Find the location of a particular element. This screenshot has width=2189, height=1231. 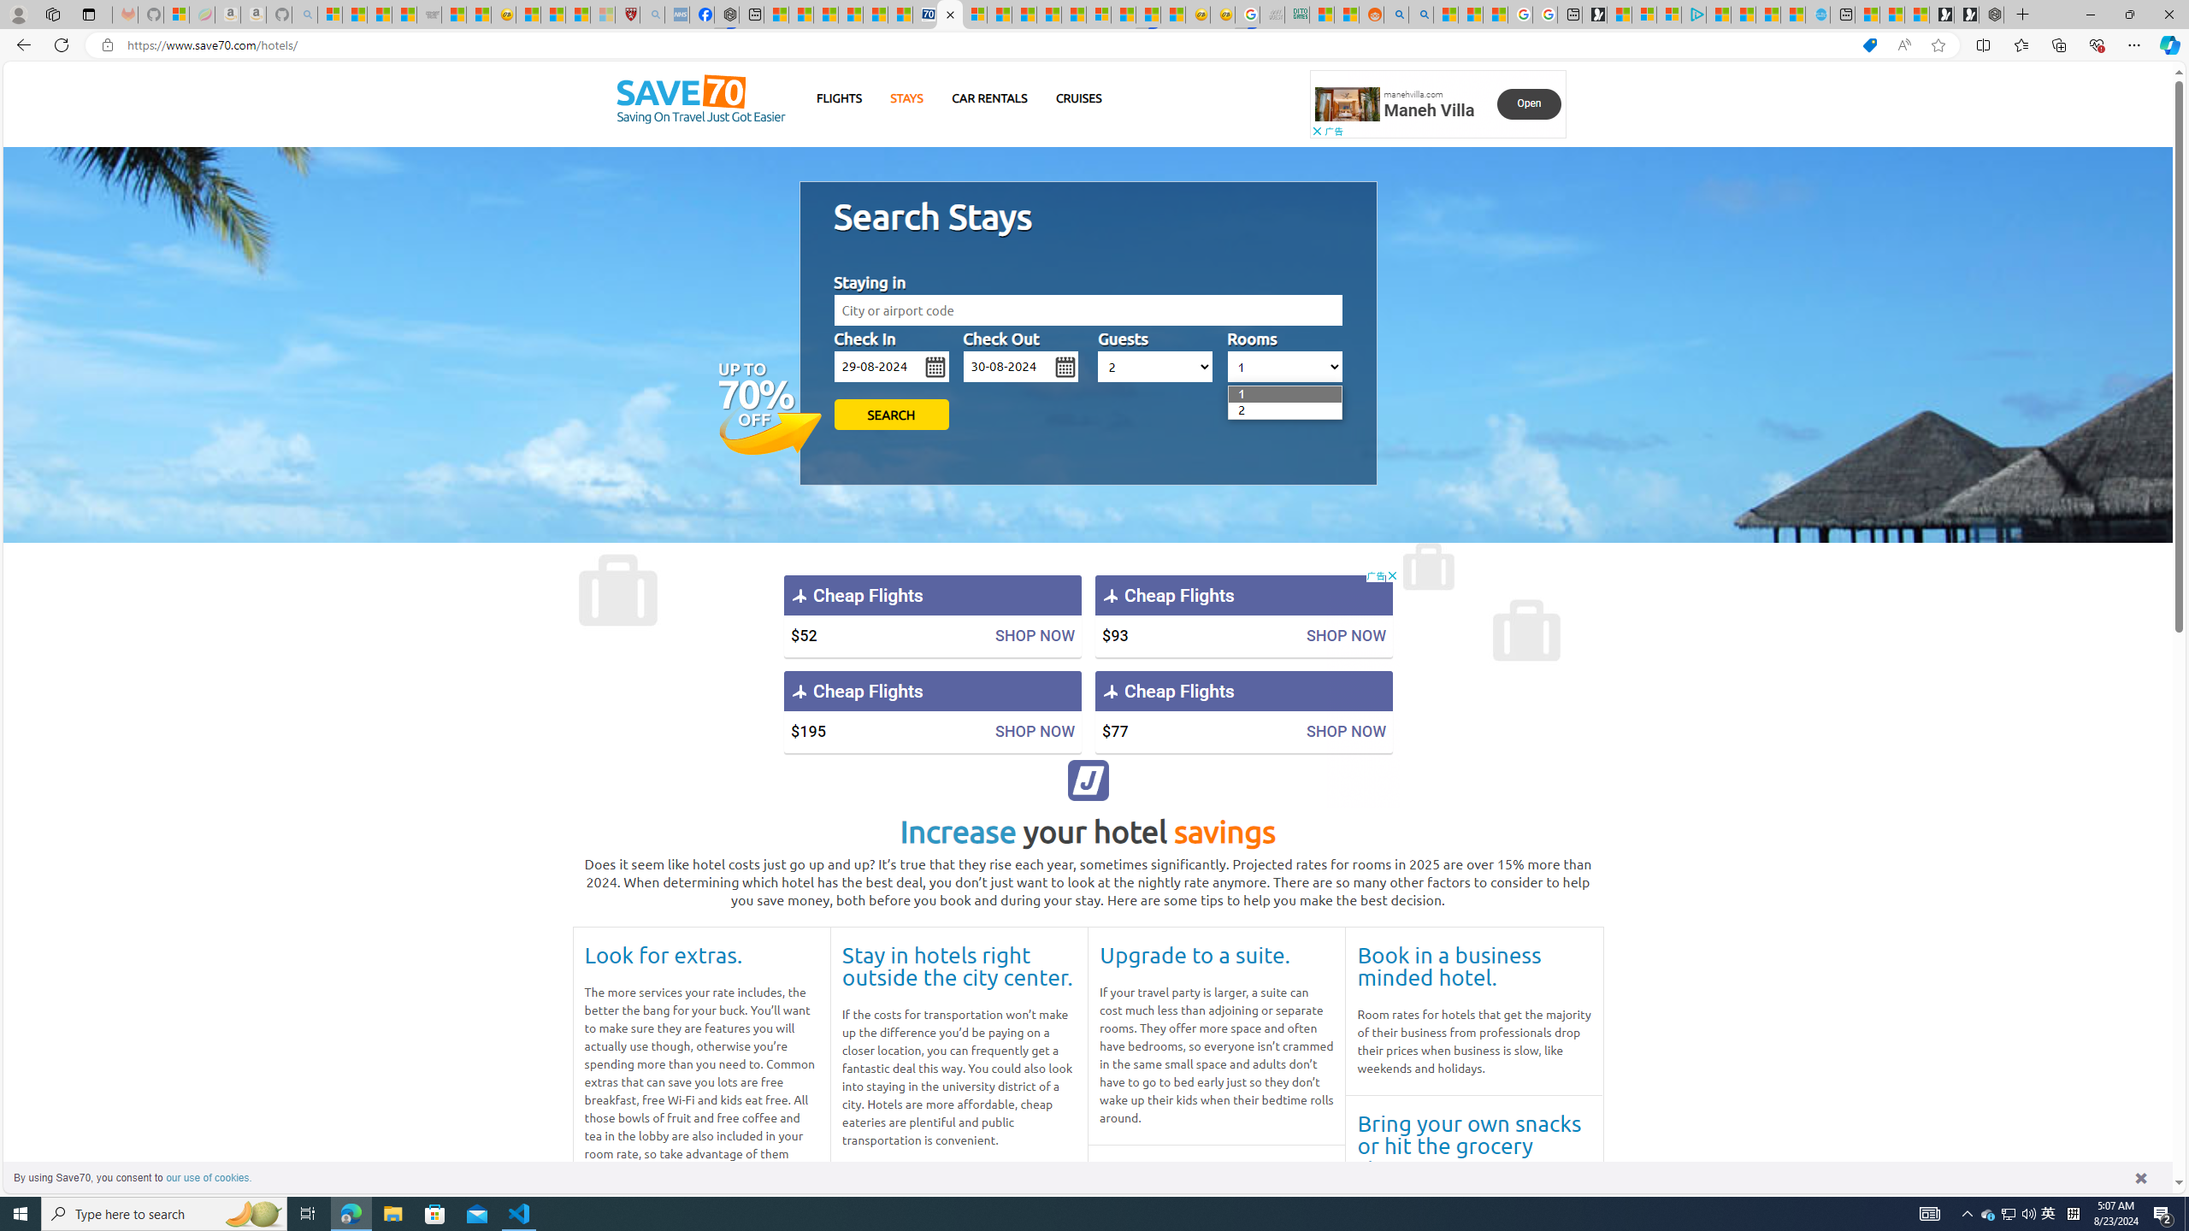

'Cheap Hotels - Save70.com' is located at coordinates (949, 14).